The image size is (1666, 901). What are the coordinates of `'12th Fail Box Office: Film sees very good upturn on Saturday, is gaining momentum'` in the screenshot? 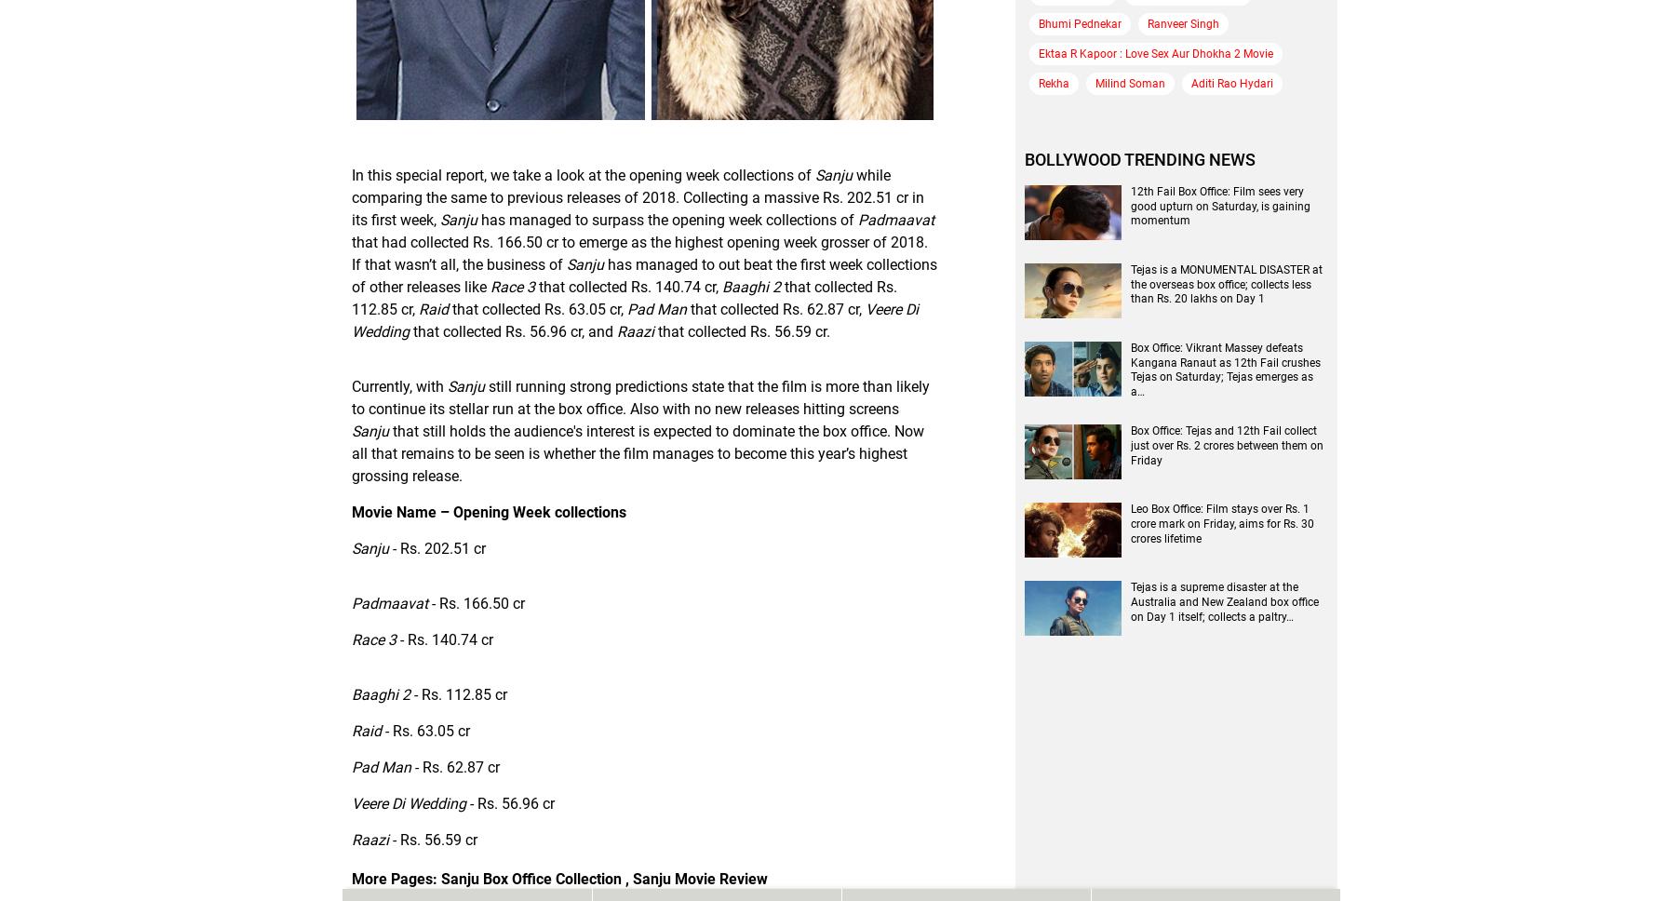 It's located at (1220, 205).